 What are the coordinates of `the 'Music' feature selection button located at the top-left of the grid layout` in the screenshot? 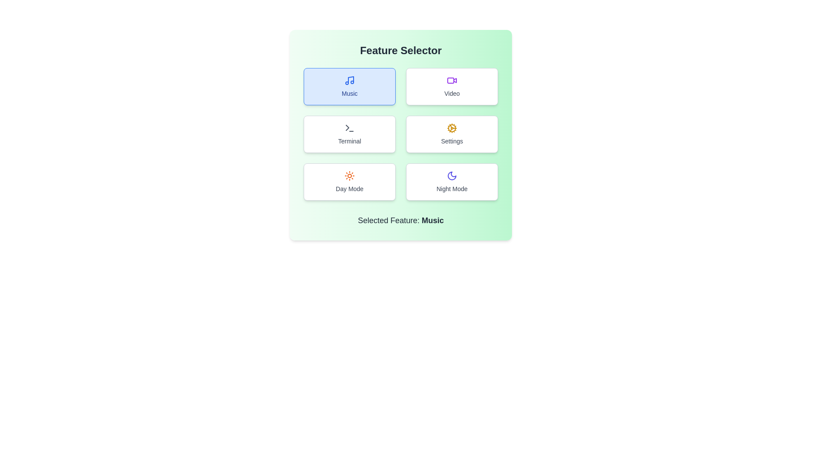 It's located at (350, 87).